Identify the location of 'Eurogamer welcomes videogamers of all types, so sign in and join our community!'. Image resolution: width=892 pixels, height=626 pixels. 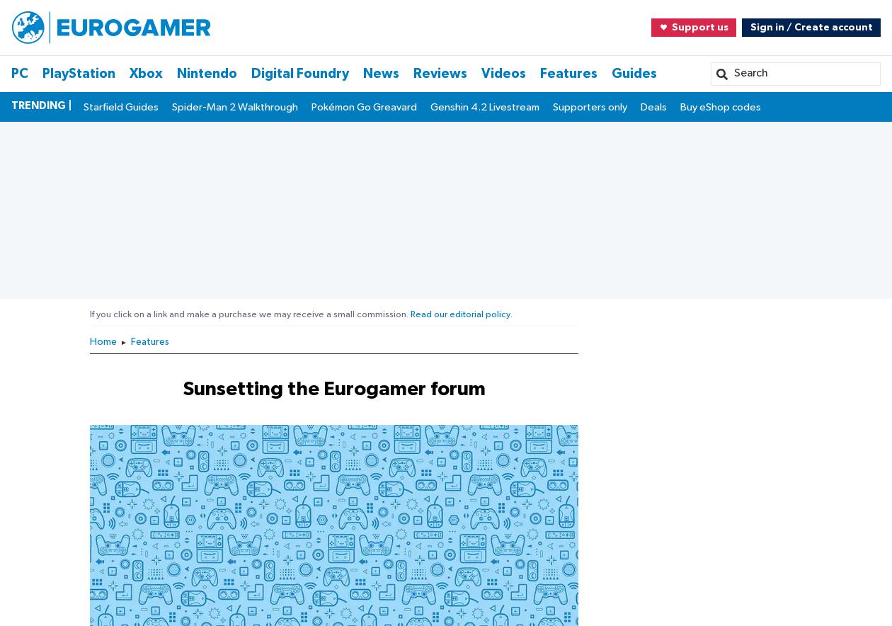
(209, 275).